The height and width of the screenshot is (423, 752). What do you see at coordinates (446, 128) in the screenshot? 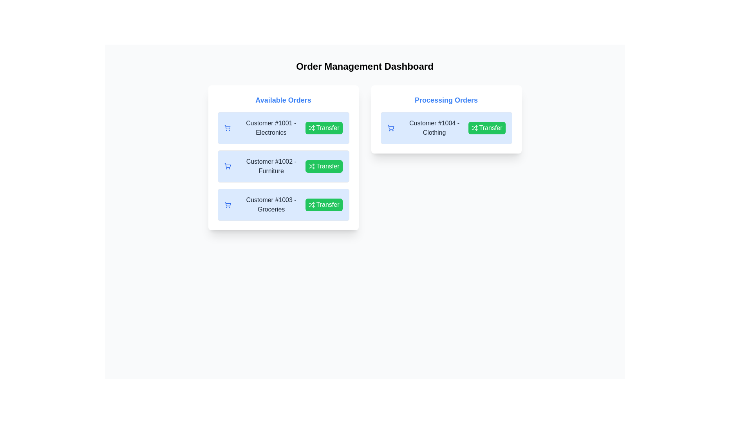
I see `the Card Component labeled 'Customer #1004 - Clothing'` at bounding box center [446, 128].